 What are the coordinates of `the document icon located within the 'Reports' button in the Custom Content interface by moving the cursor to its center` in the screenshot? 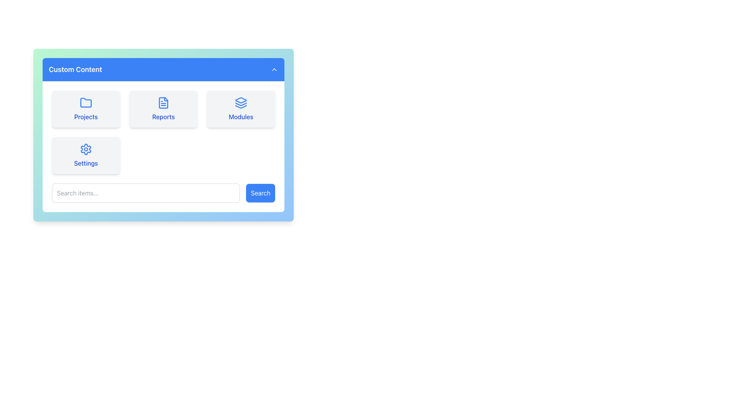 It's located at (163, 103).